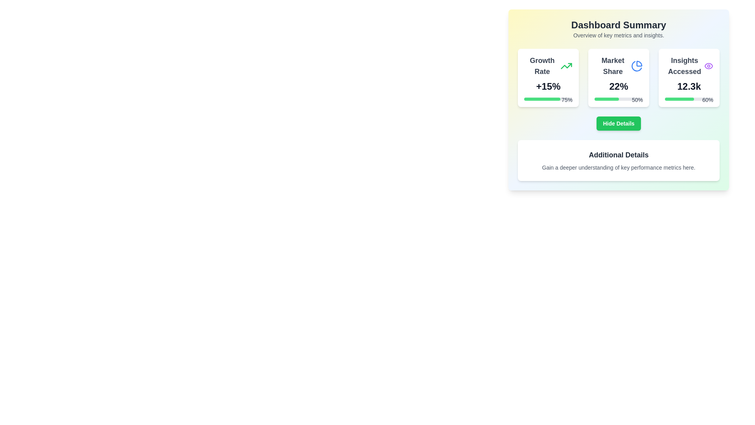  I want to click on the 'Market Share' text element, so click(612, 66).